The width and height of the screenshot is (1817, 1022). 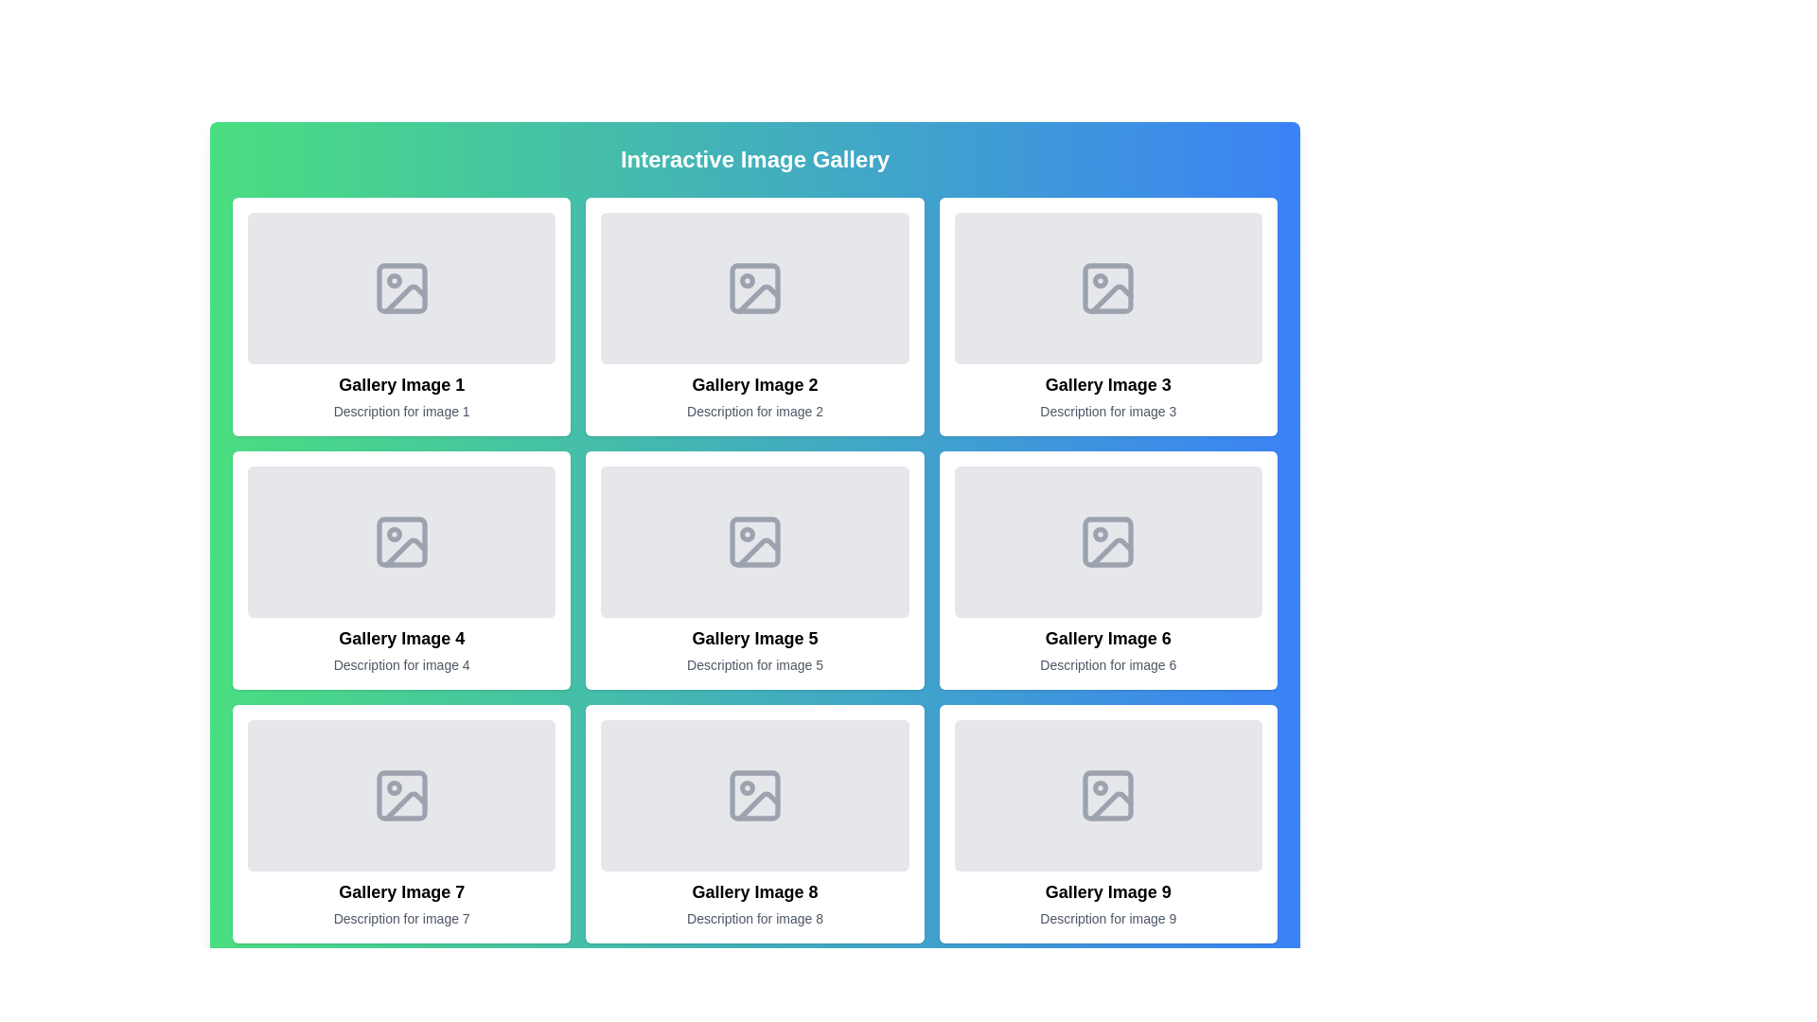 I want to click on the placeholder for an image located in the central column and second row of the grid, so click(x=753, y=542).